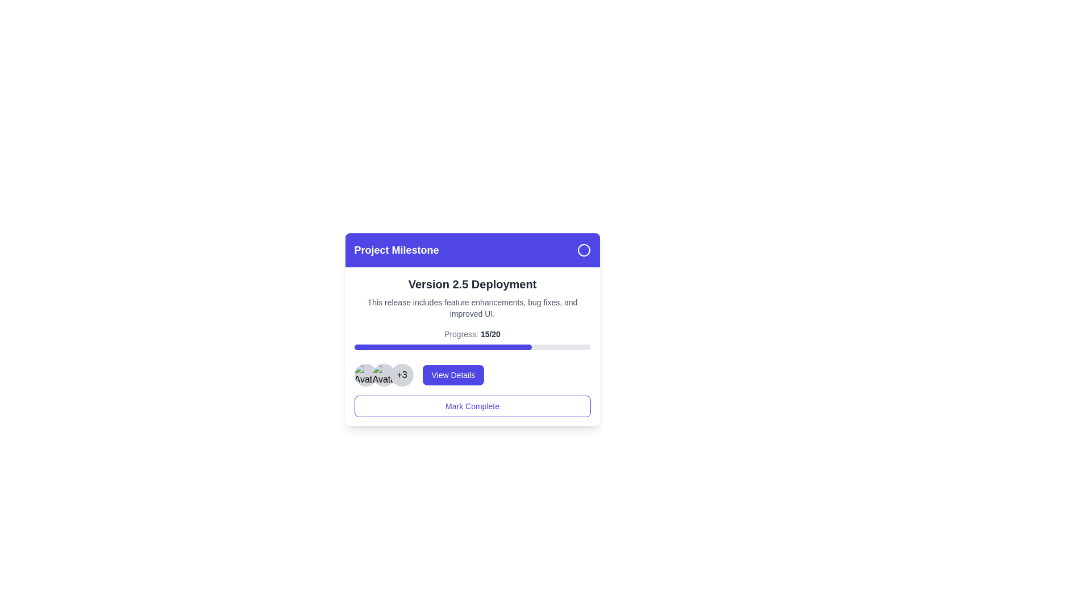  What do you see at coordinates (397, 249) in the screenshot?
I see `the text label reading 'Project Milestone' that is styled with bold white text on a purple background, located at the top of the card layout` at bounding box center [397, 249].